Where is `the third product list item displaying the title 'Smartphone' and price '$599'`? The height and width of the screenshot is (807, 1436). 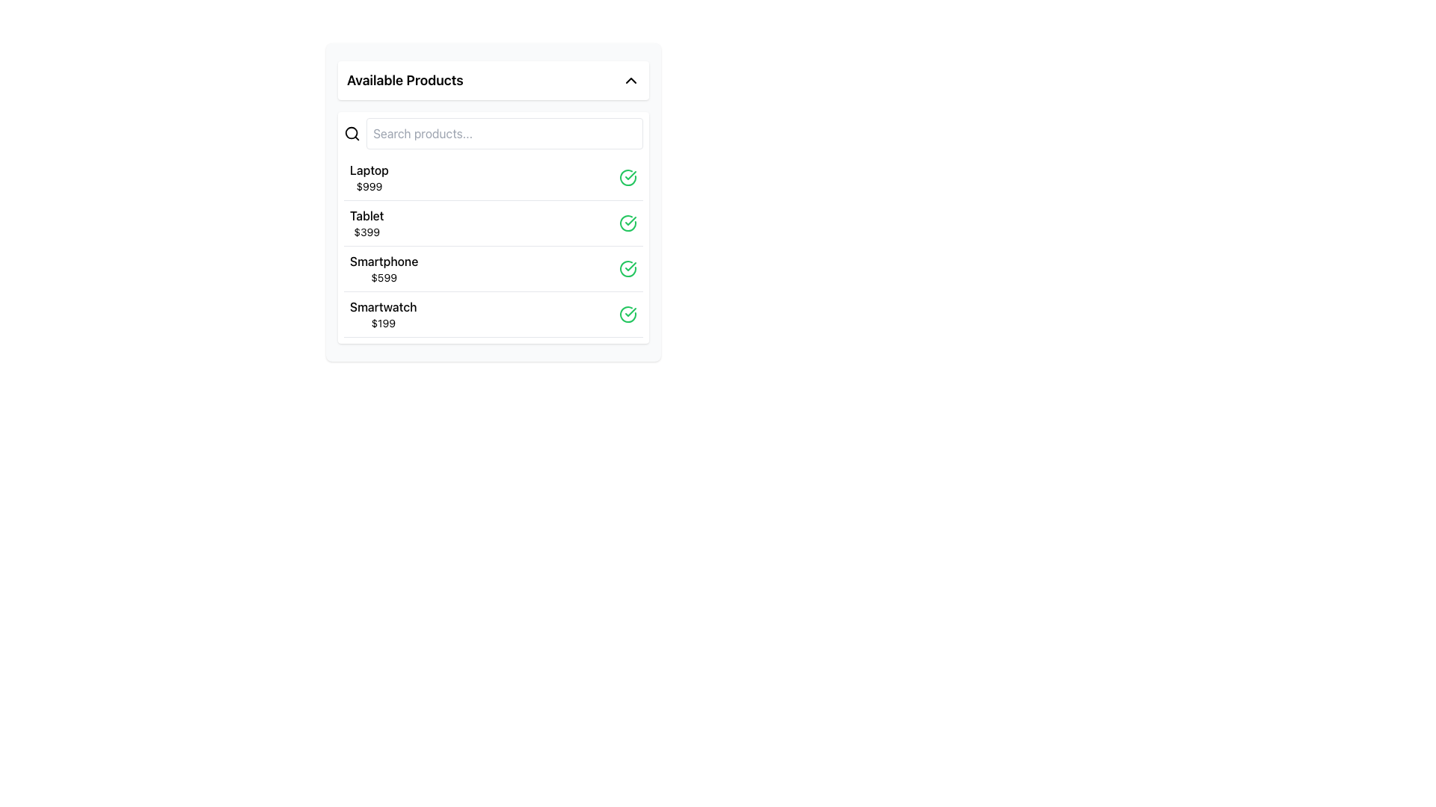
the third product list item displaying the title 'Smartphone' and price '$599' is located at coordinates (494, 269).